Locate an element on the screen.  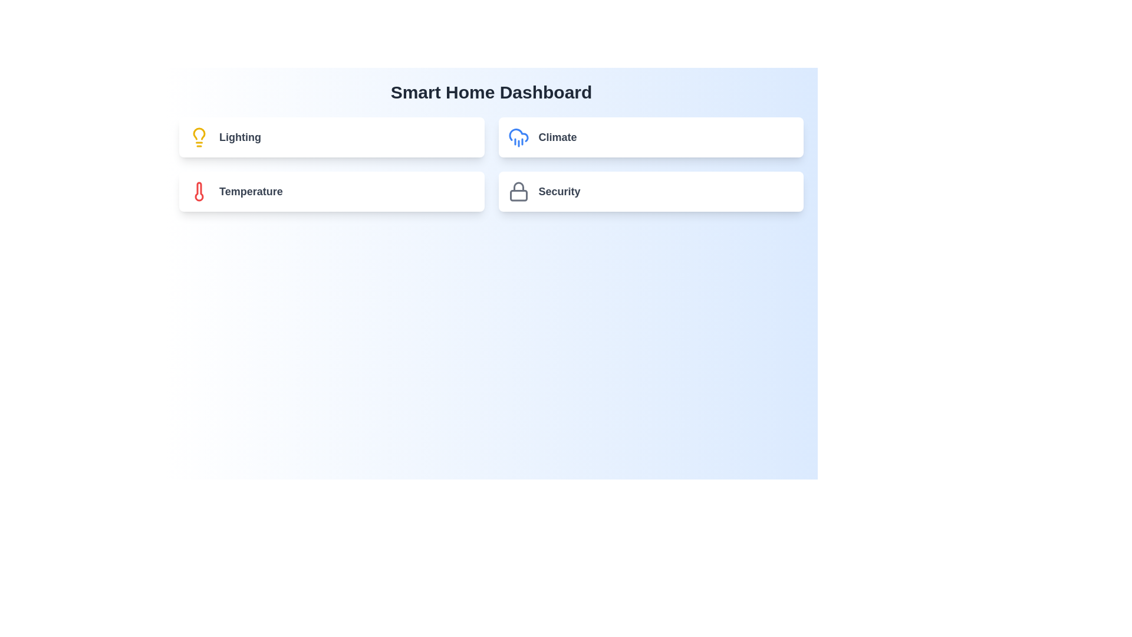
the 'Temperature' module card which is the third element in the grid layout, located below the 'Lighting' element is located at coordinates (331, 191).